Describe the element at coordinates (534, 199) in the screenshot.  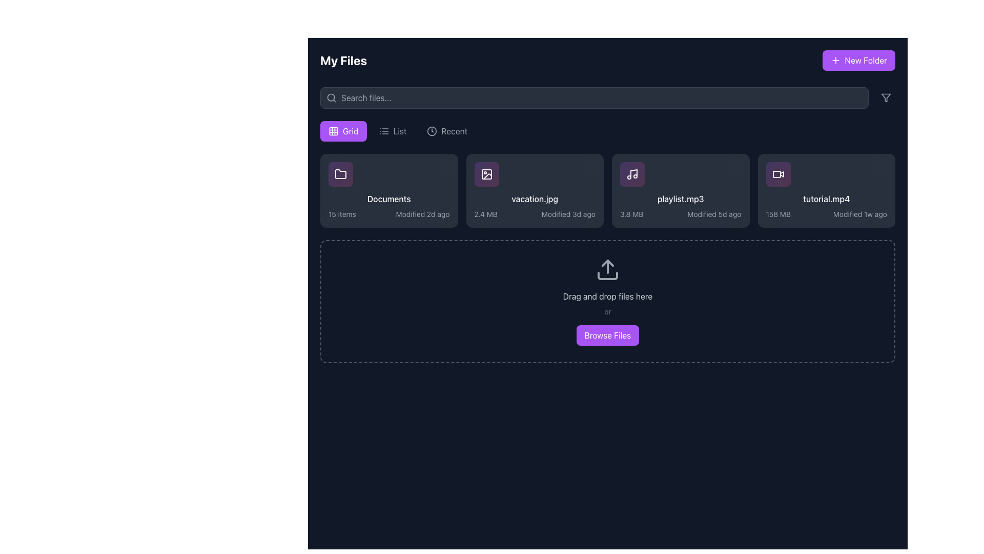
I see `the centered lower text label of the second card in the grid view` at that location.